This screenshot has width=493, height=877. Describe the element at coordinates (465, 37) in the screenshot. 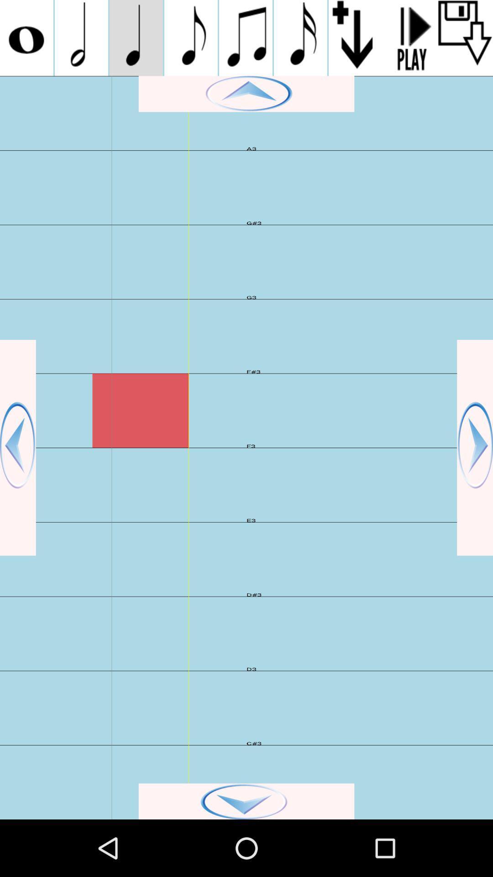

I see `button` at that location.